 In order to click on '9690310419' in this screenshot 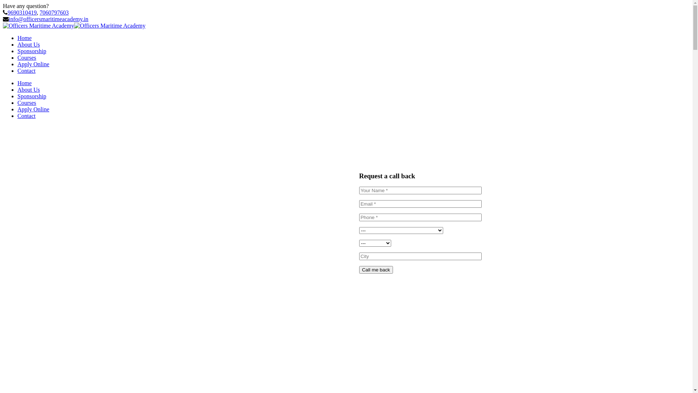, I will do `click(22, 12)`.